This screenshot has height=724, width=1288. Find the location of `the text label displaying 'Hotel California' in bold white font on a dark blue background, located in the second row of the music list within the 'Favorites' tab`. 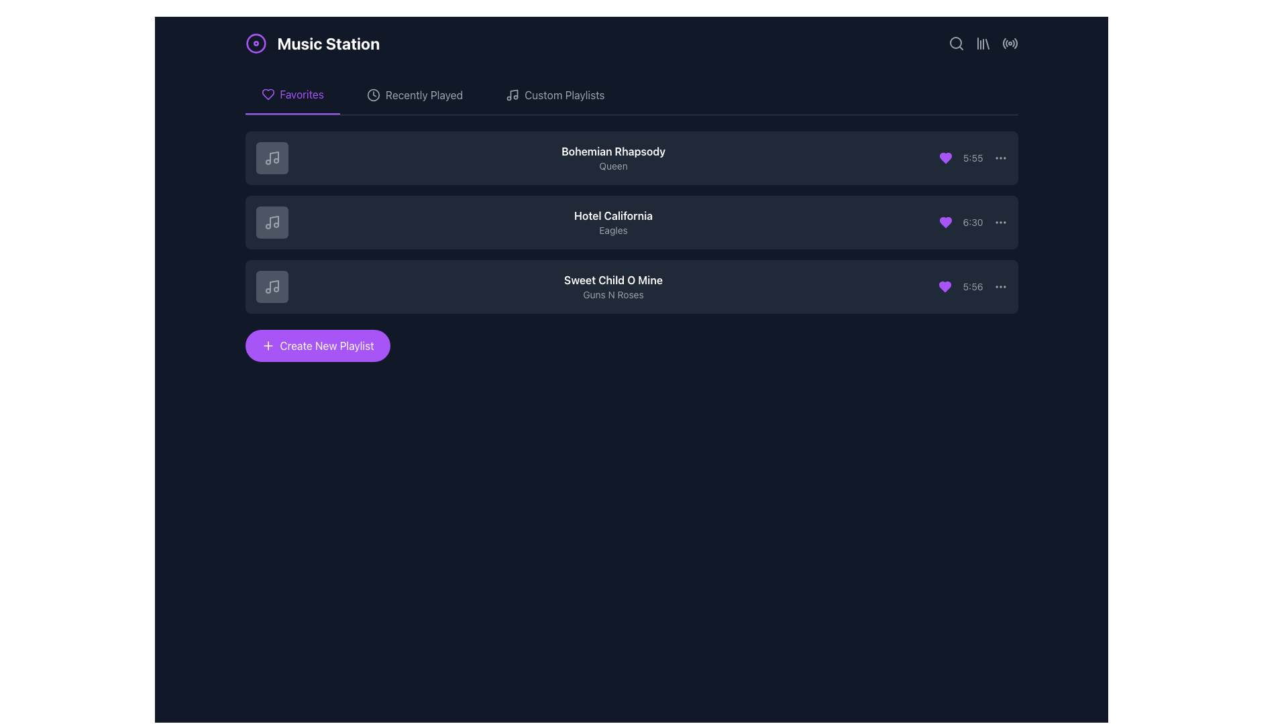

the text label displaying 'Hotel California' in bold white font on a dark blue background, located in the second row of the music list within the 'Favorites' tab is located at coordinates (612, 215).